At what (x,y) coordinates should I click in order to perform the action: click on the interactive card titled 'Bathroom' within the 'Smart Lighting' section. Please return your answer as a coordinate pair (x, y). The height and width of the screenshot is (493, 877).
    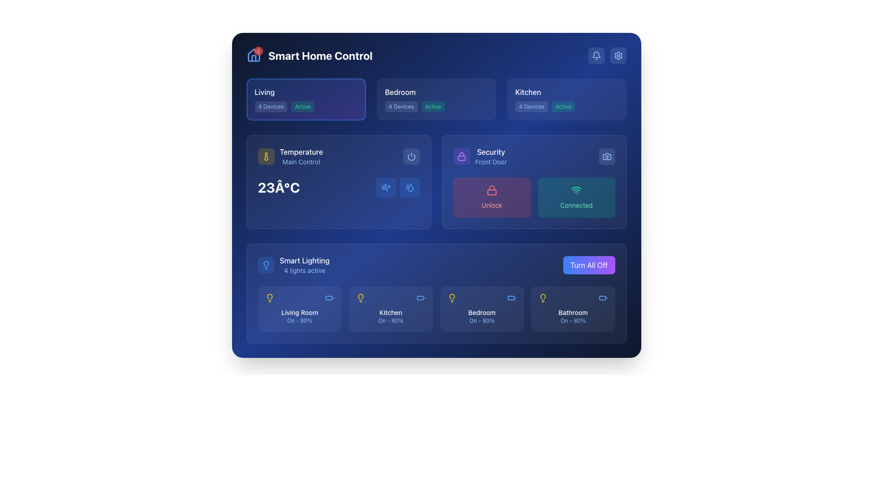
    Looking at the image, I should click on (572, 309).